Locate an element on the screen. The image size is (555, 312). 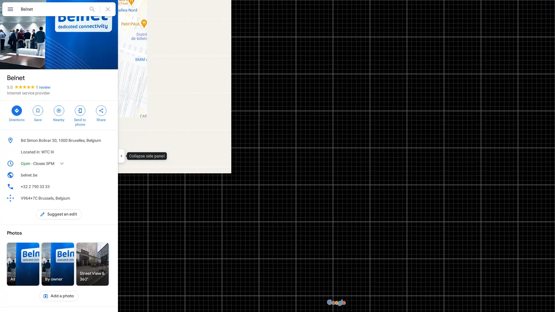
Learn more about plus codes is located at coordinates (108, 198).